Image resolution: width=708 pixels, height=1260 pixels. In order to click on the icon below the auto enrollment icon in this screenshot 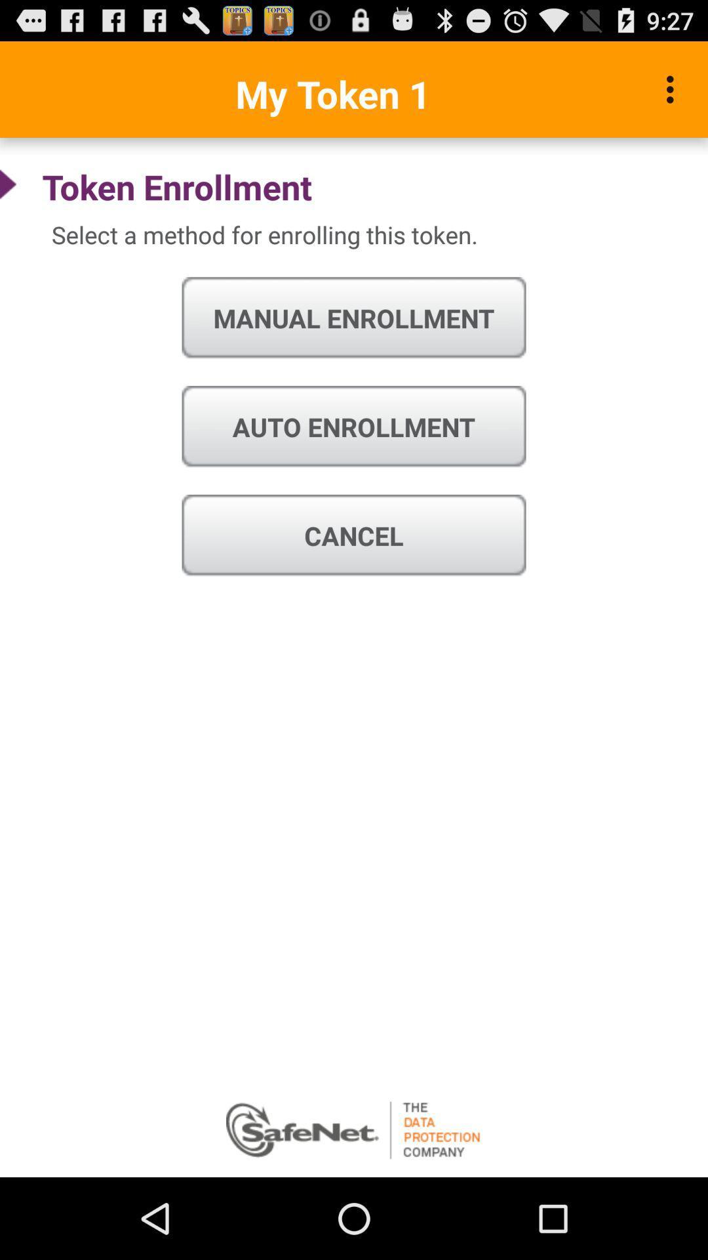, I will do `click(354, 535)`.